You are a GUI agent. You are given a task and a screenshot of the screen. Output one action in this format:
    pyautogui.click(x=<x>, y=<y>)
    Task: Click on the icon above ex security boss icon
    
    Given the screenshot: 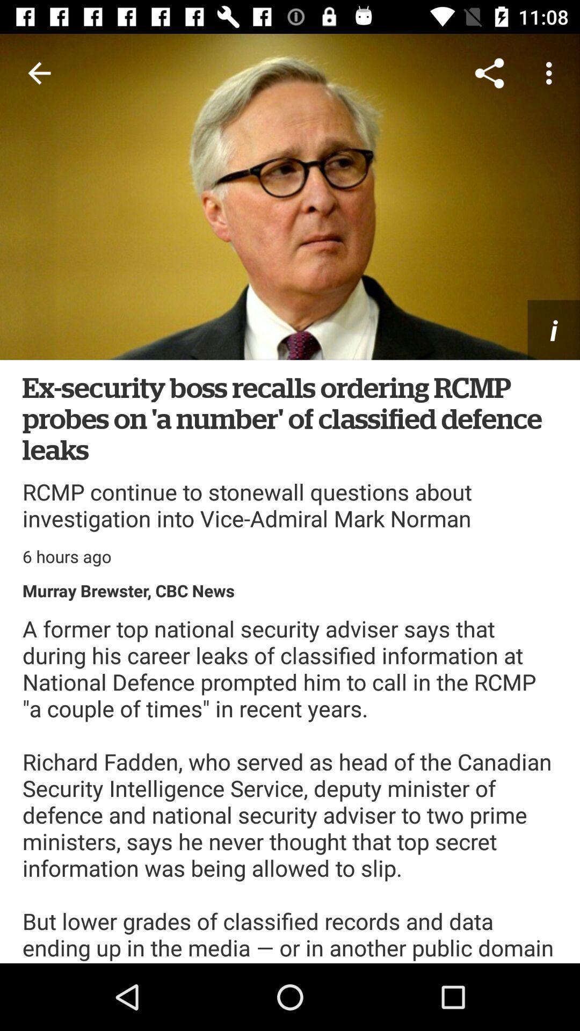 What is the action you would take?
    pyautogui.click(x=39, y=72)
    